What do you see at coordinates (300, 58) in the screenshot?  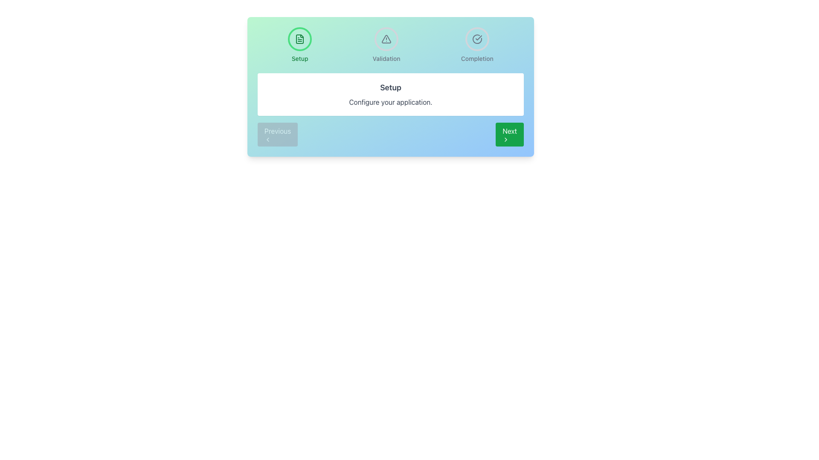 I see `the text label 'Setup' which is prominently displayed in green below a circular document icon within the navigation panel` at bounding box center [300, 58].